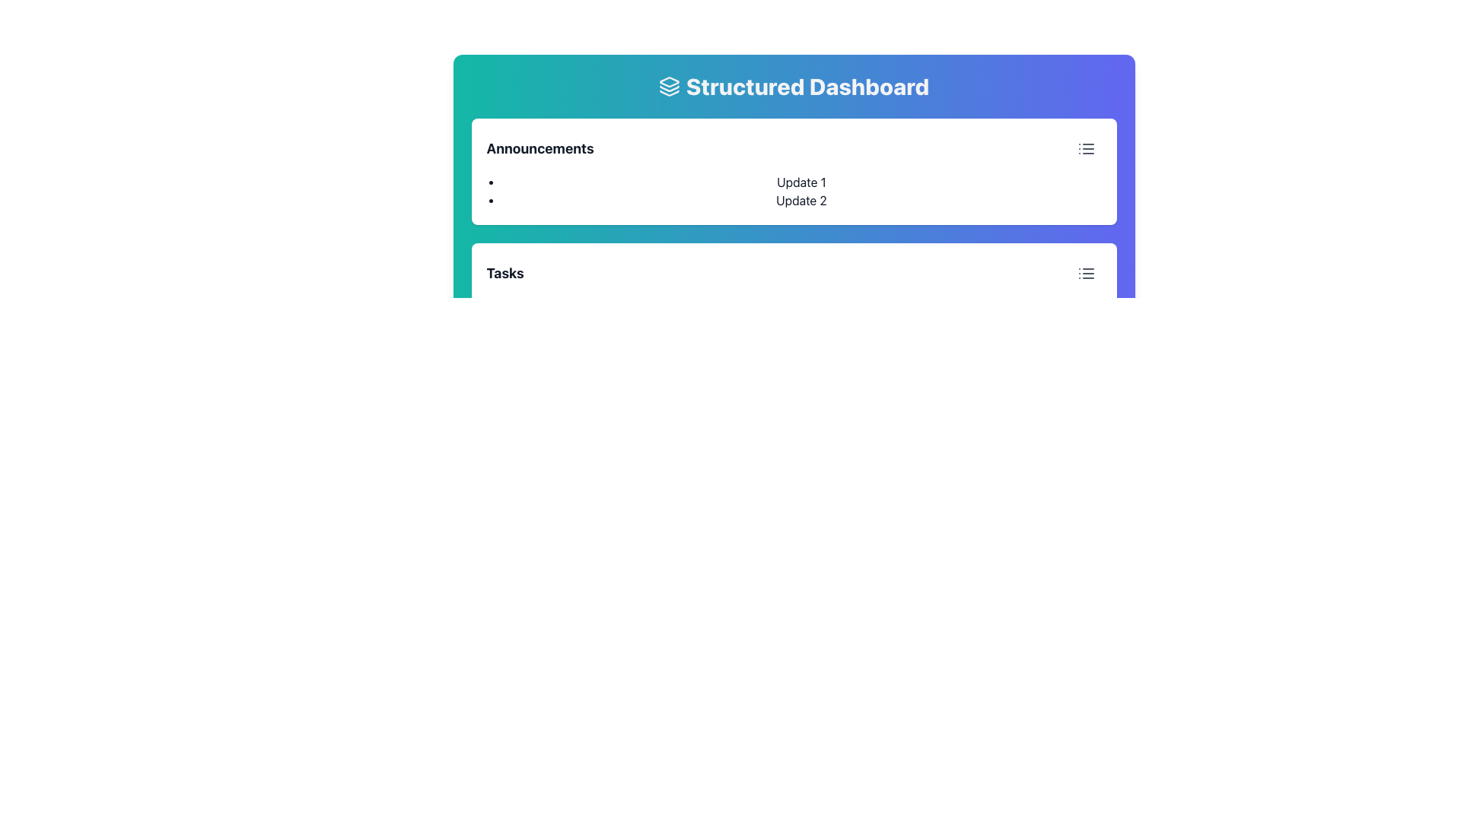 The width and height of the screenshot is (1461, 821). What do you see at coordinates (669, 87) in the screenshot?
I see `the dashboard logo icon located to the left of the 'Structured Dashboard' text in the header` at bounding box center [669, 87].